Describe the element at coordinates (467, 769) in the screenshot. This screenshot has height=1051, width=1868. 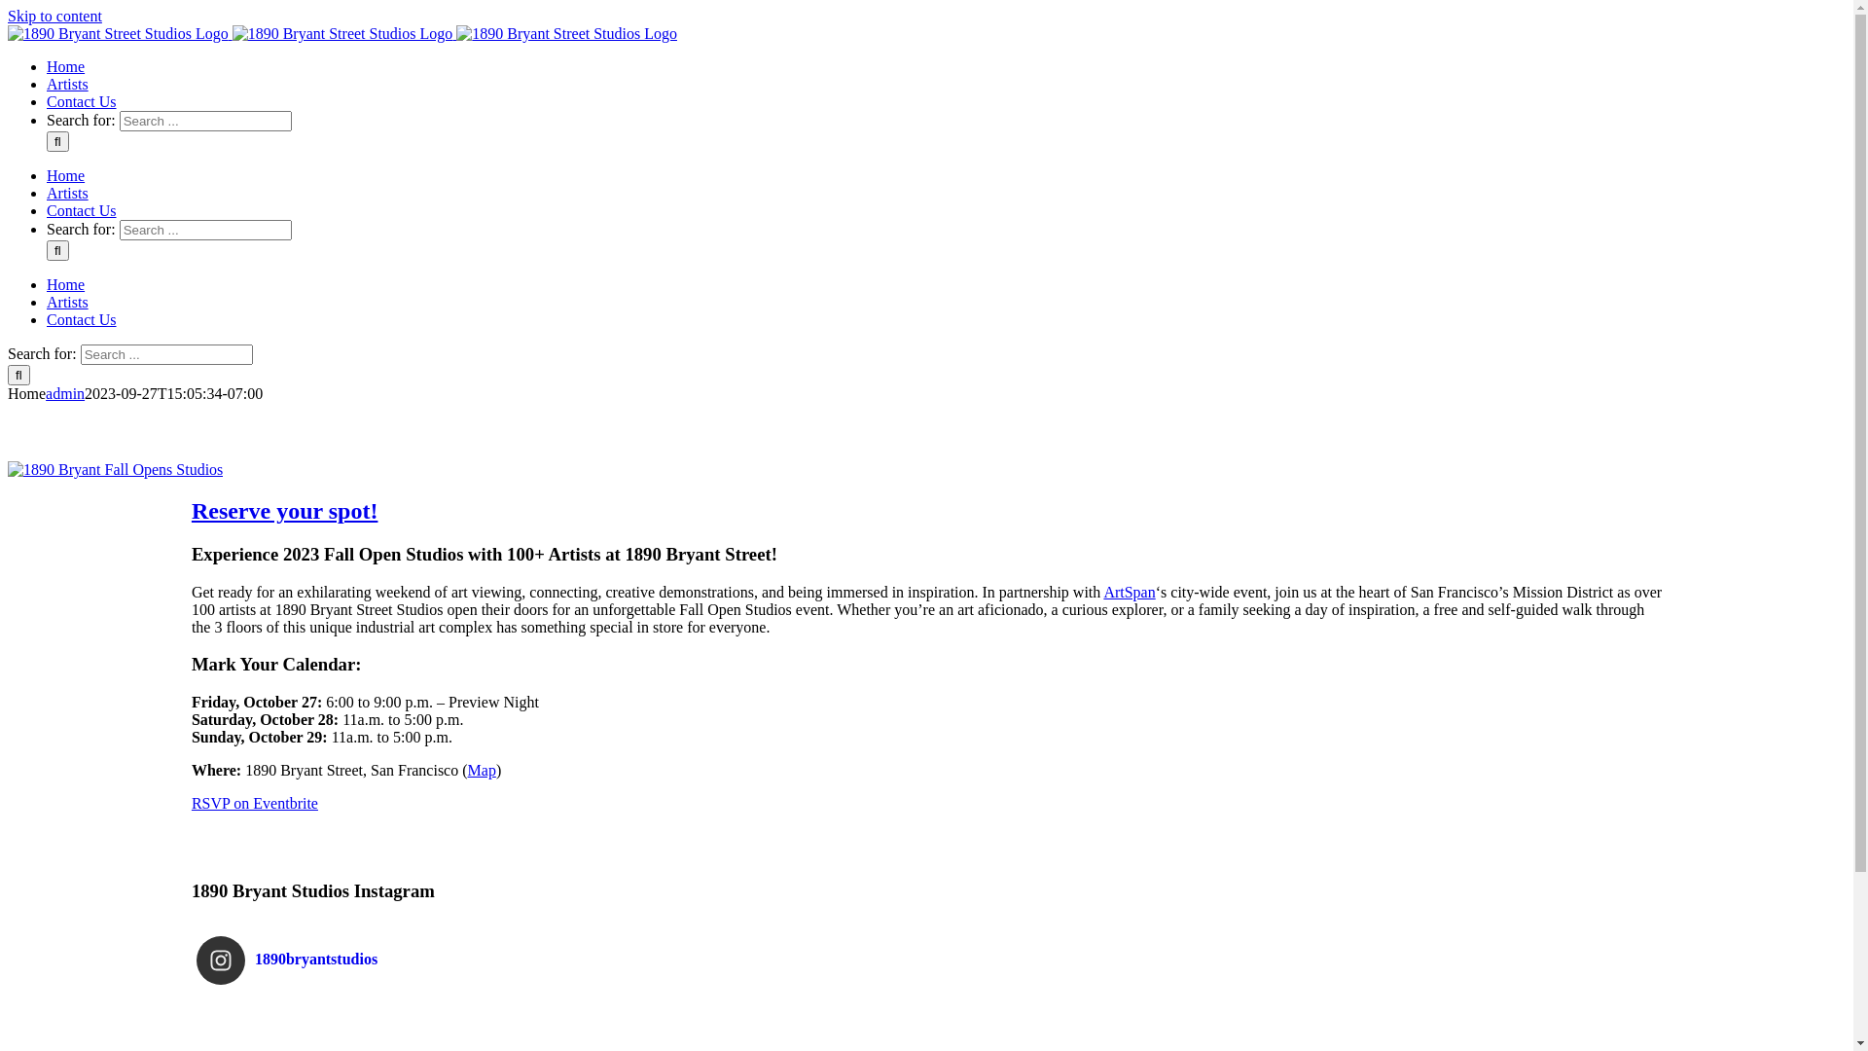
I see `'Map'` at that location.